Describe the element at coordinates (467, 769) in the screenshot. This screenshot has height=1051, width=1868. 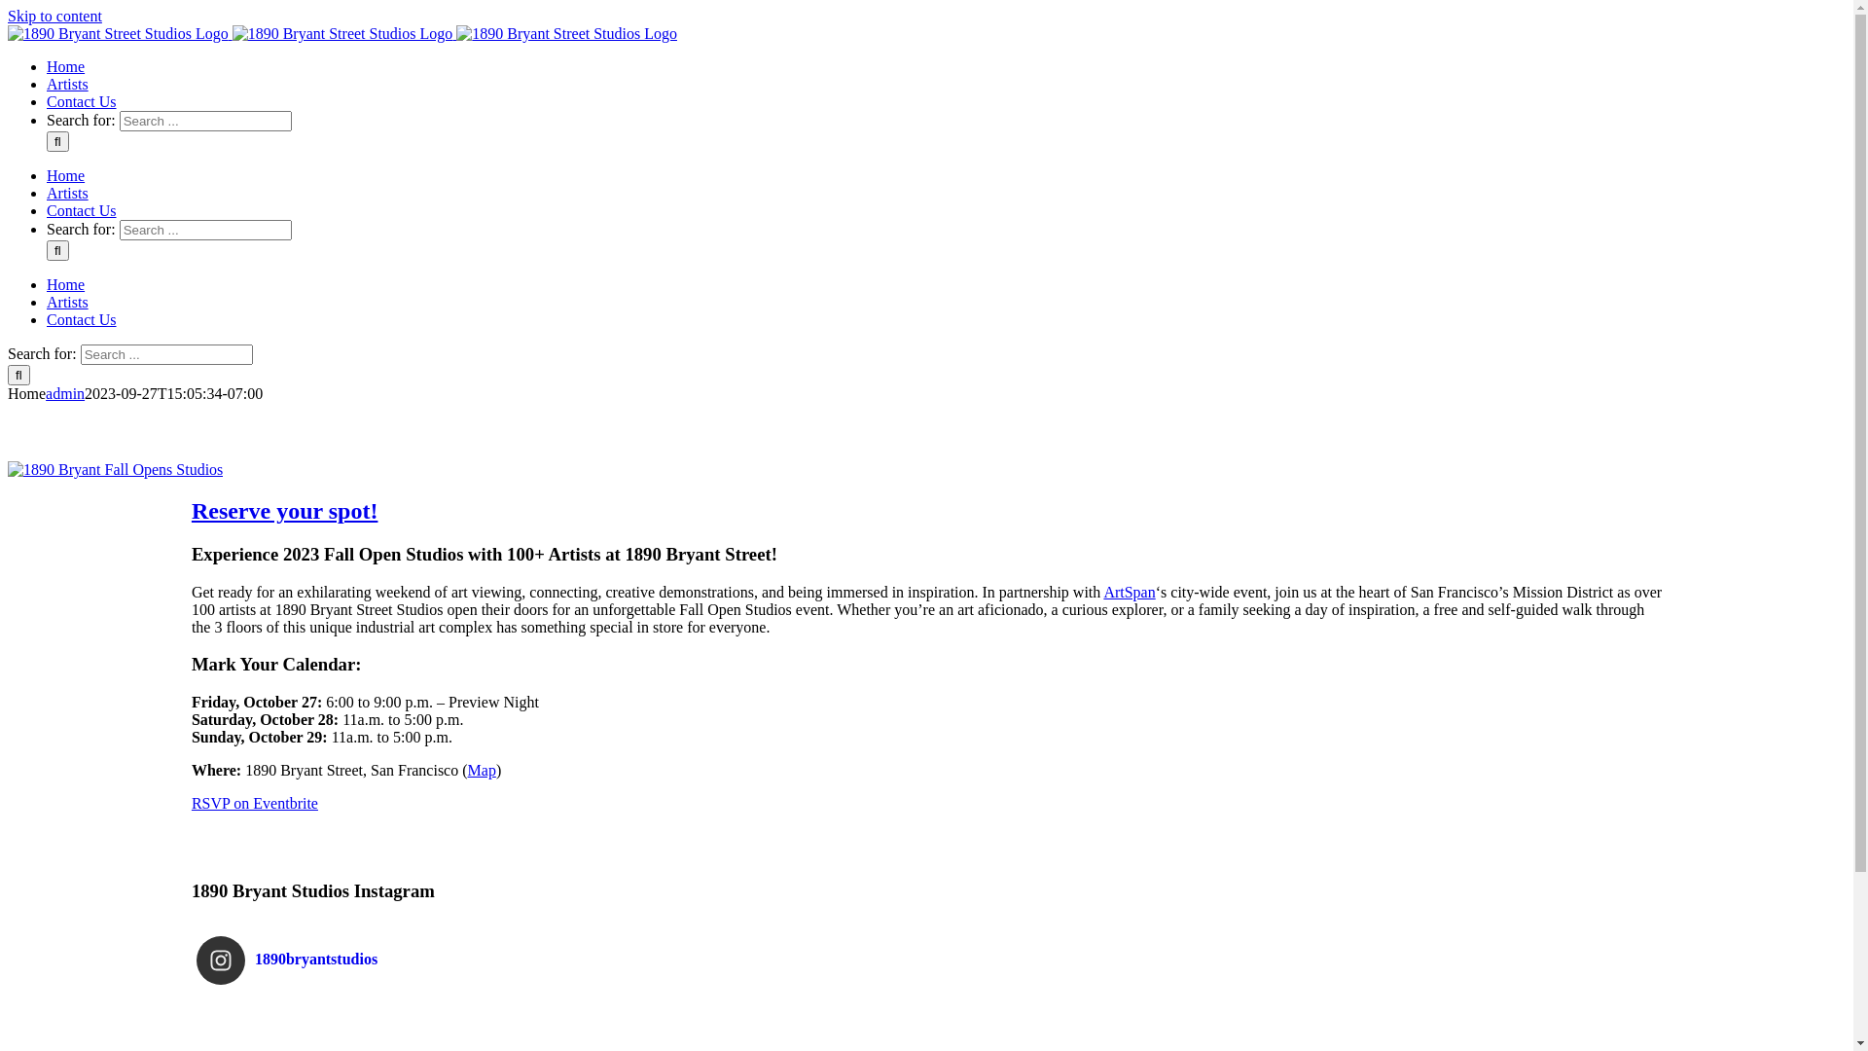
I see `'Map'` at that location.